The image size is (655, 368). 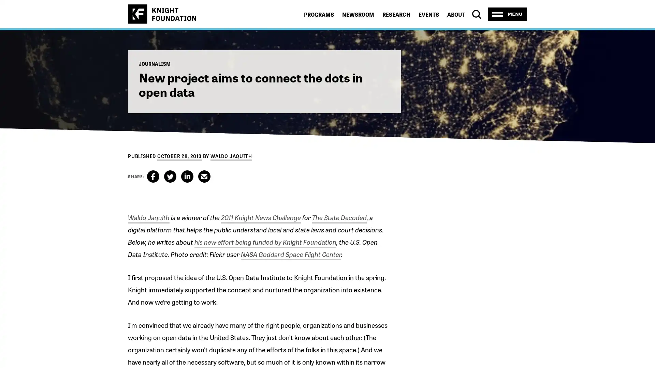 What do you see at coordinates (507, 14) in the screenshot?
I see `MENU` at bounding box center [507, 14].